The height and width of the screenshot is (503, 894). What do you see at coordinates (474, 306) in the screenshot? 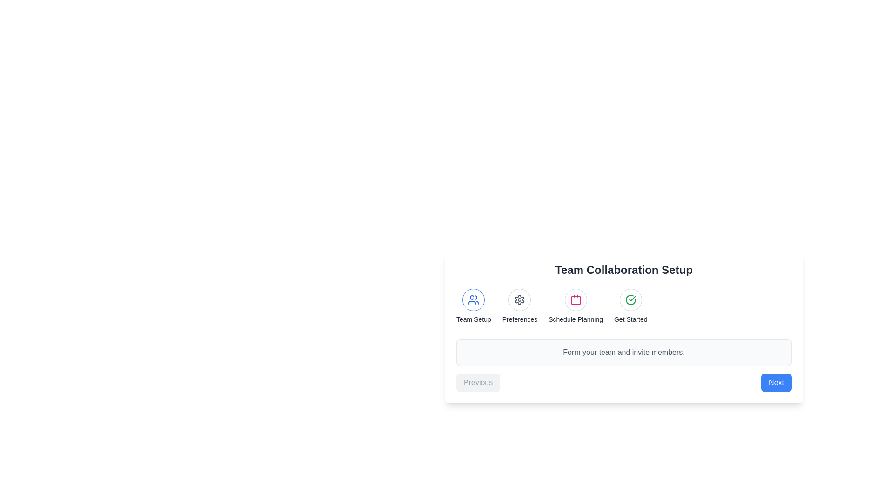
I see `the 'Team Setup' icon, which is the leftmost element in the horizontally aligned set of options, before 'Preferences'` at bounding box center [474, 306].